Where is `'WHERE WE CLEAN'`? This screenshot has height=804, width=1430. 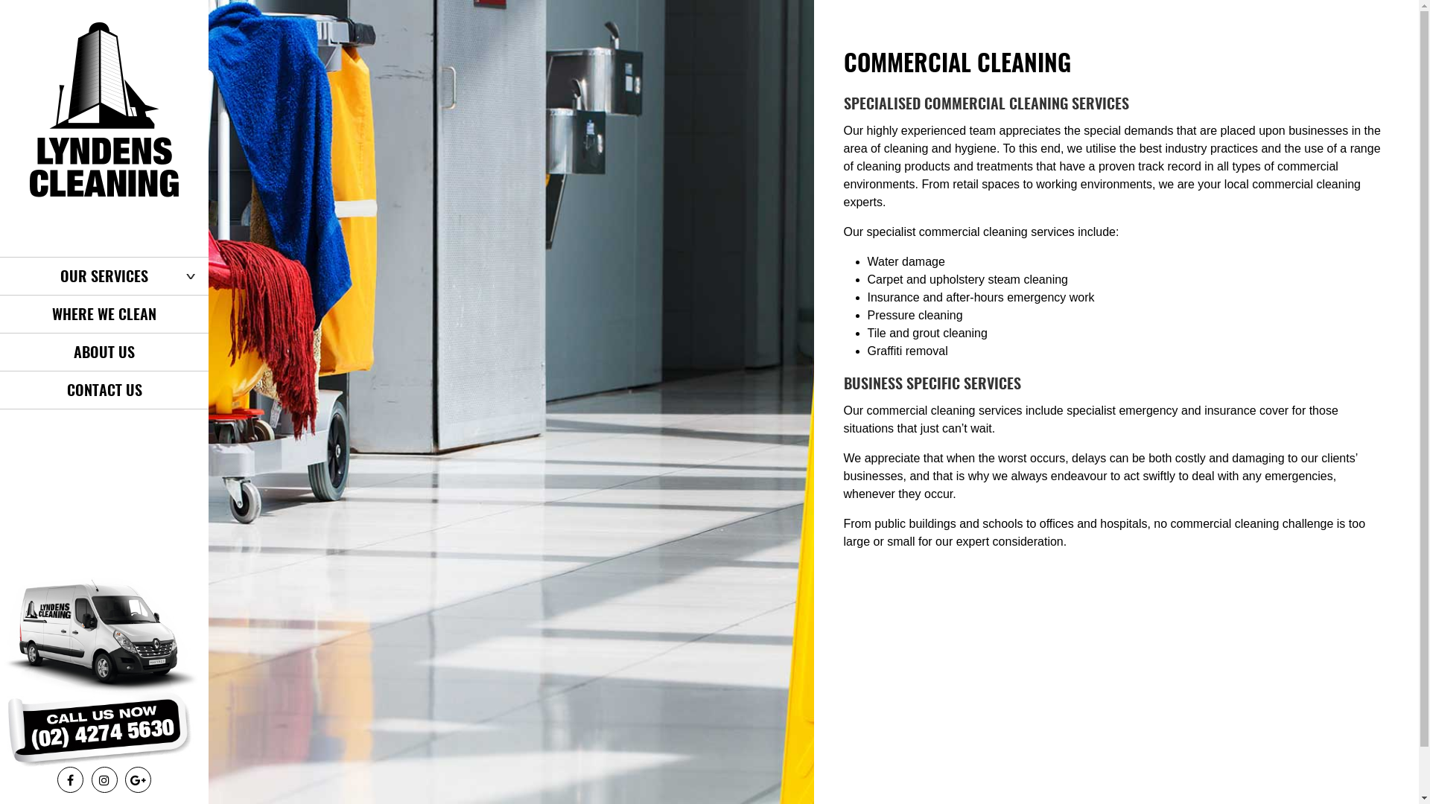
'WHERE WE CLEAN' is located at coordinates (0, 313).